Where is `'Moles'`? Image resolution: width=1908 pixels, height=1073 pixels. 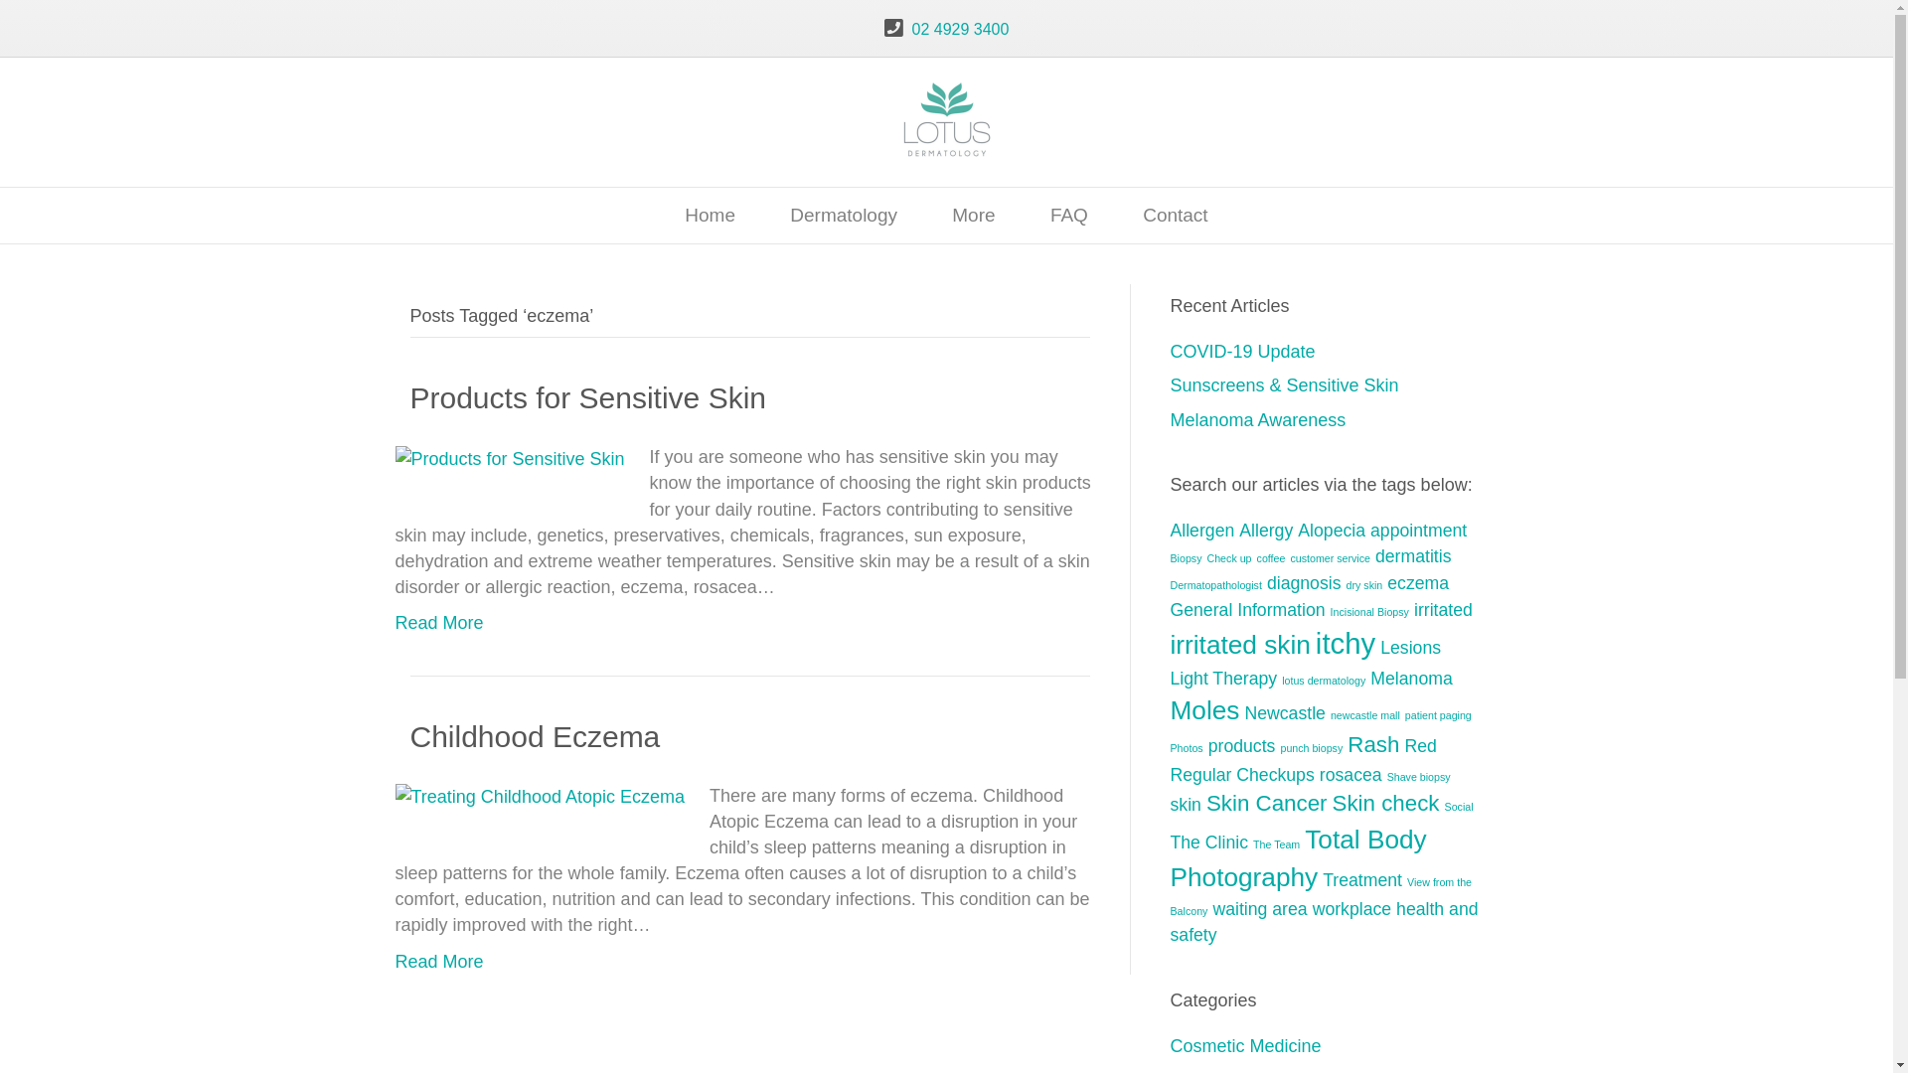 'Moles' is located at coordinates (1204, 708).